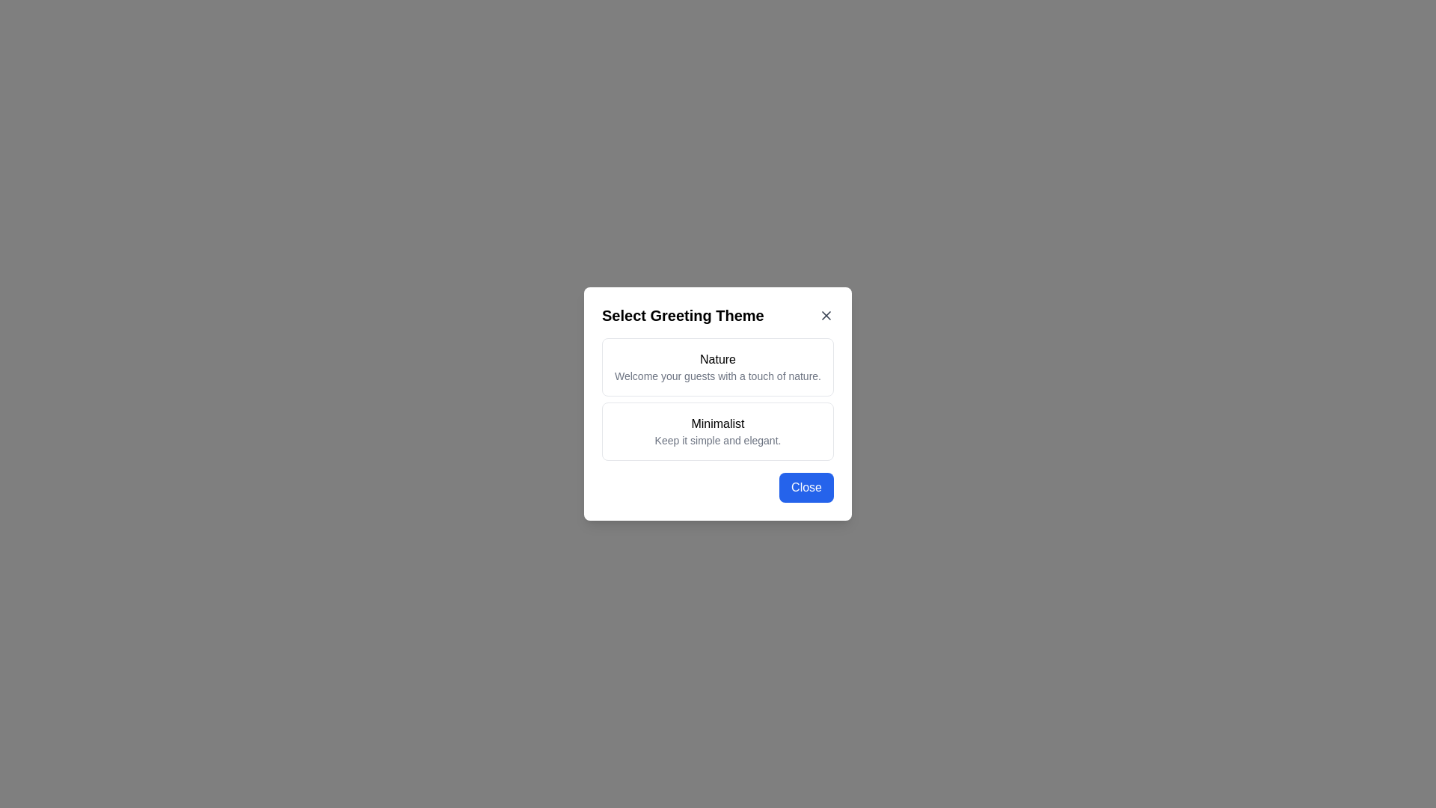  I want to click on the close icon located in the top-right corner of the modal or dialog box, so click(825, 314).